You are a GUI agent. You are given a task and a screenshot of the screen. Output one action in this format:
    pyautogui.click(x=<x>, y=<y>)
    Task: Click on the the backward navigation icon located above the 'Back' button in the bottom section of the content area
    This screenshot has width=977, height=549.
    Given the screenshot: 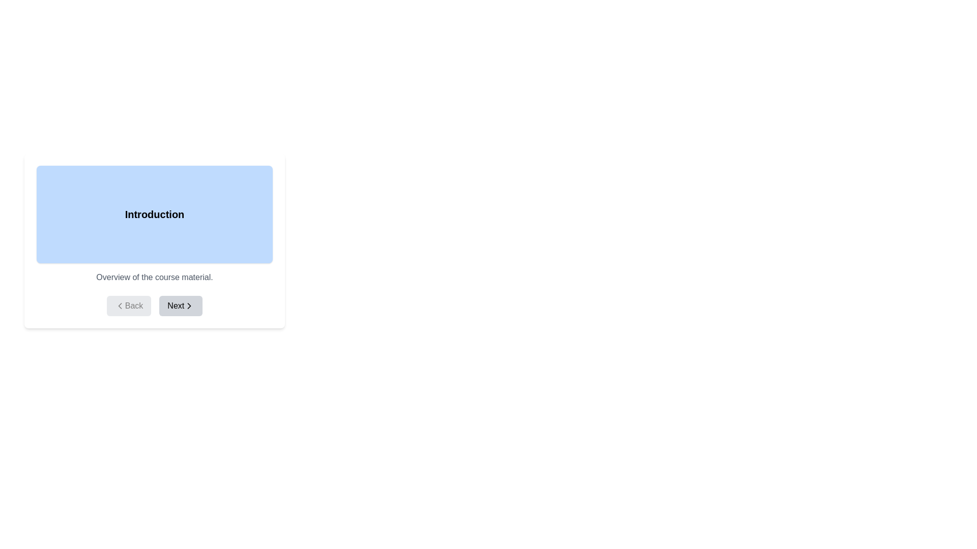 What is the action you would take?
    pyautogui.click(x=120, y=305)
    